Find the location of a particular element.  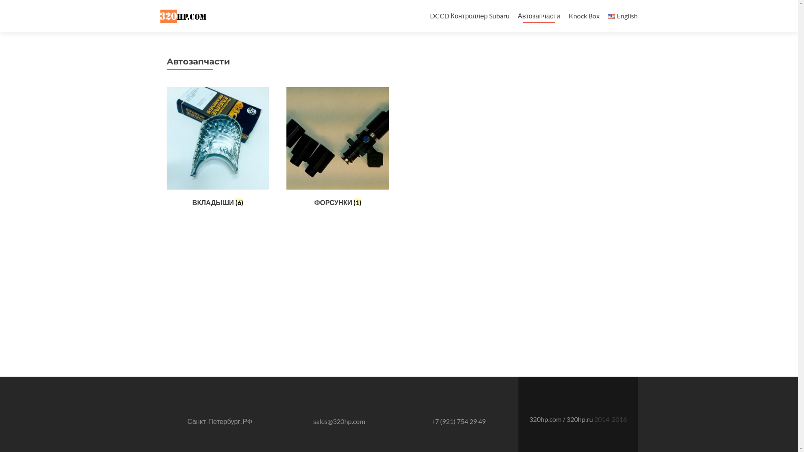

'English' is located at coordinates (623, 15).